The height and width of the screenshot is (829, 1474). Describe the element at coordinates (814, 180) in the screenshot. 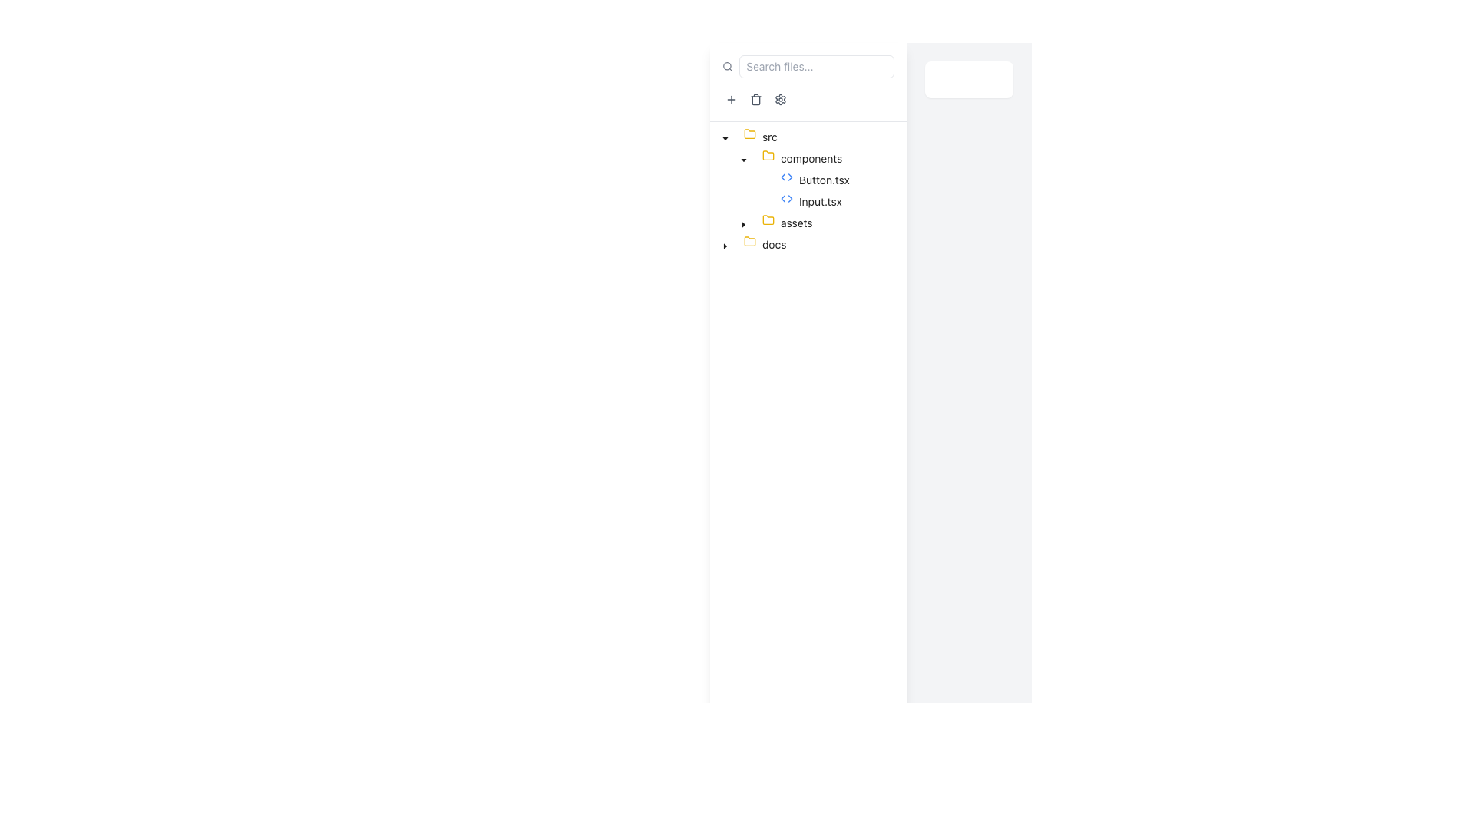

I see `the text node labeled 'Button.tsx' in the tree navigation structure` at that location.